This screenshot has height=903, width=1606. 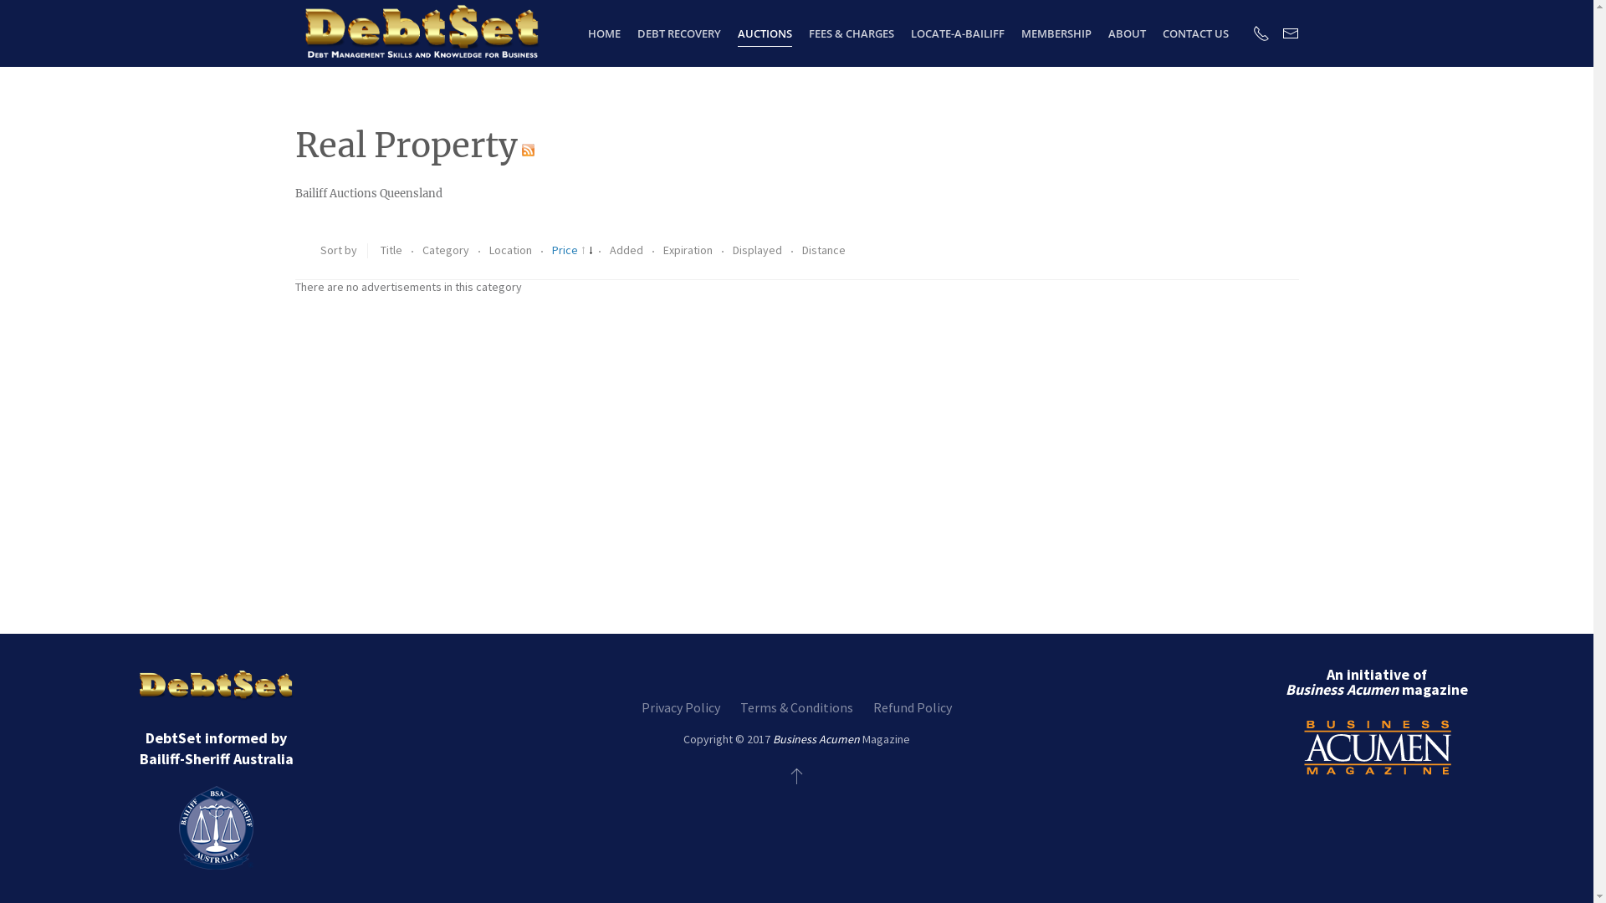 I want to click on 'Refund Policy', so click(x=911, y=707).